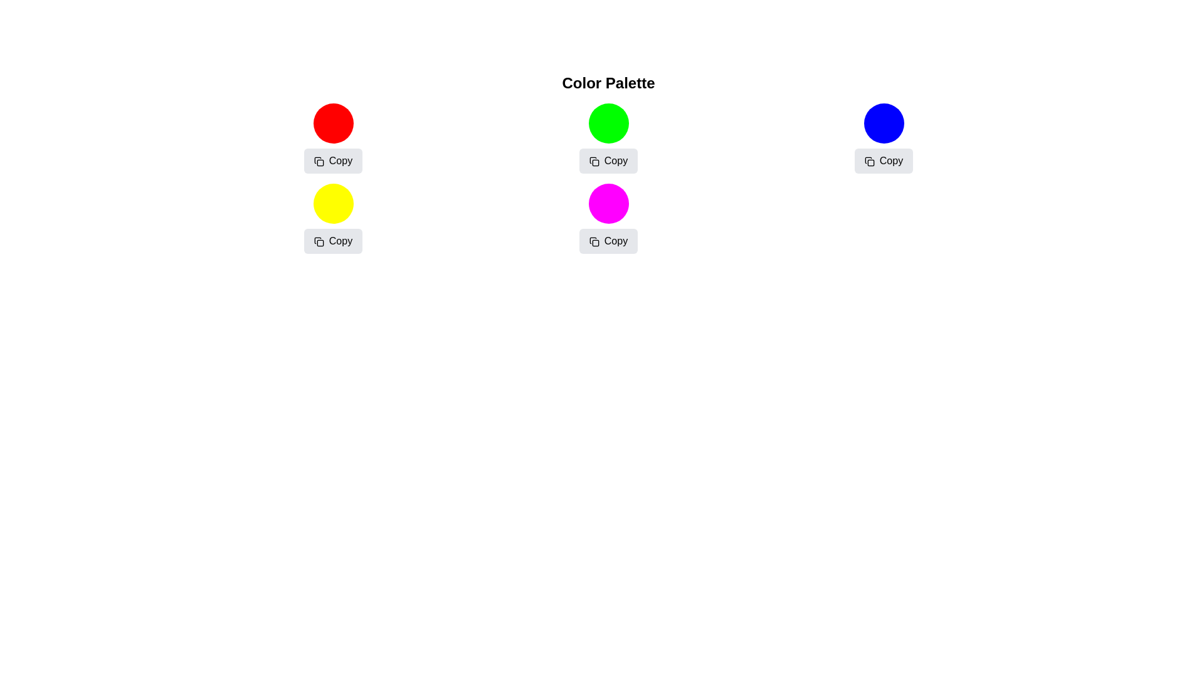 The height and width of the screenshot is (677, 1204). I want to click on the magenta icon located in the middle of the central column of a 3-column grid layout, so click(608, 218).